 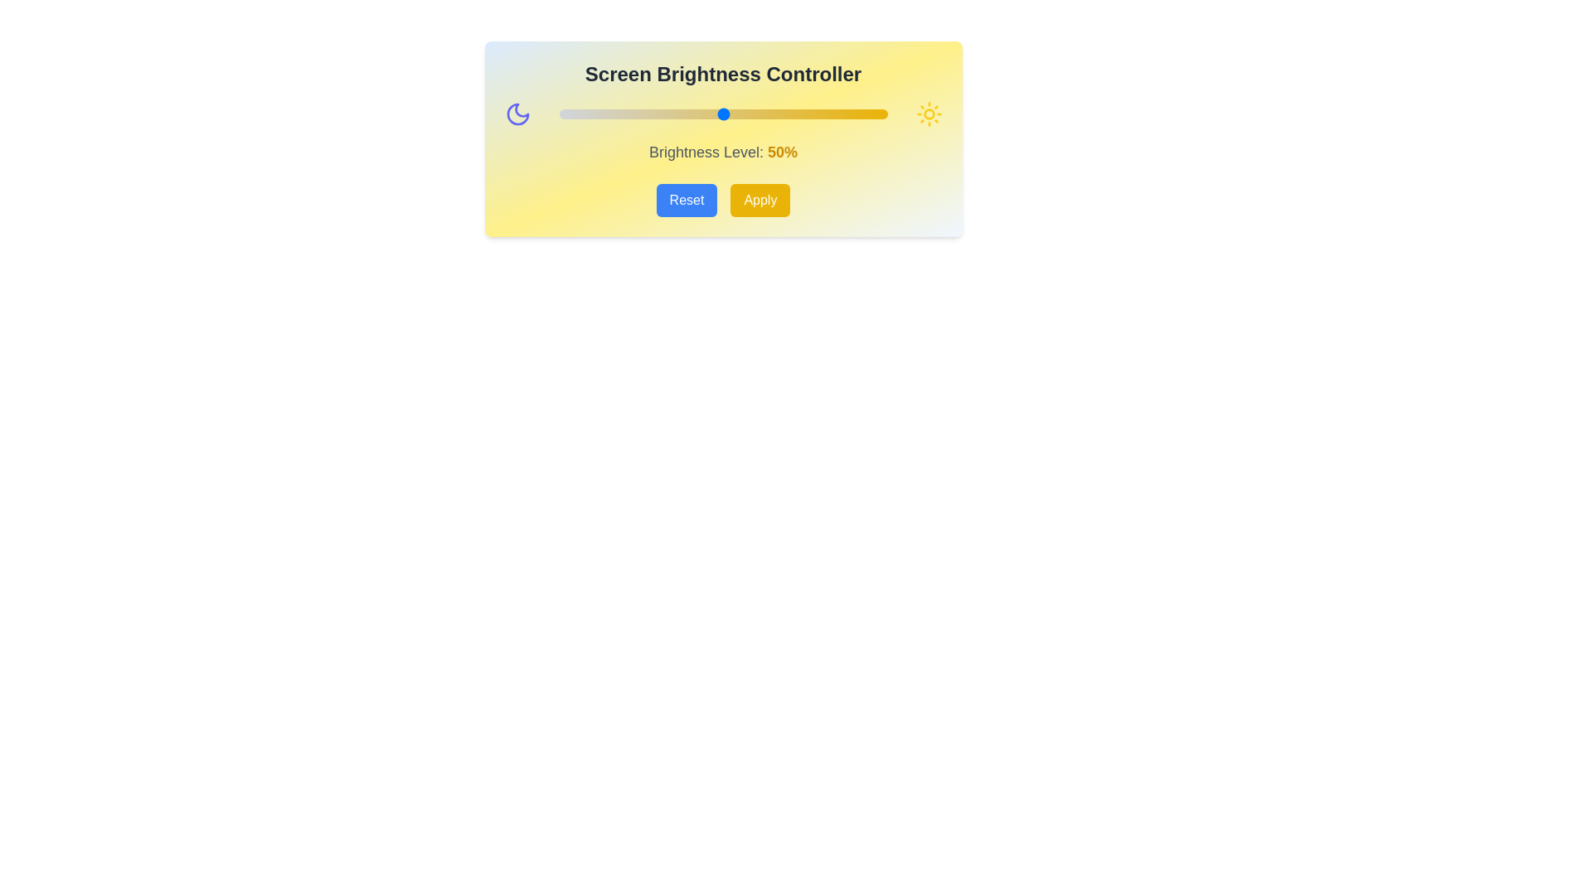 What do you see at coordinates (880, 114) in the screenshot?
I see `the brightness slider to set the brightness level to 98%` at bounding box center [880, 114].